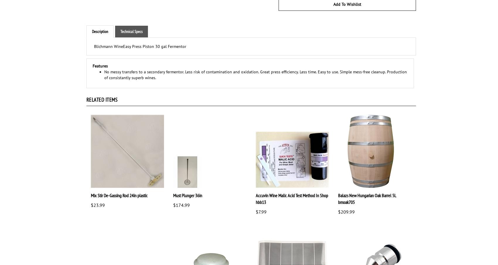  I want to click on 'Technical Specs', so click(120, 31).